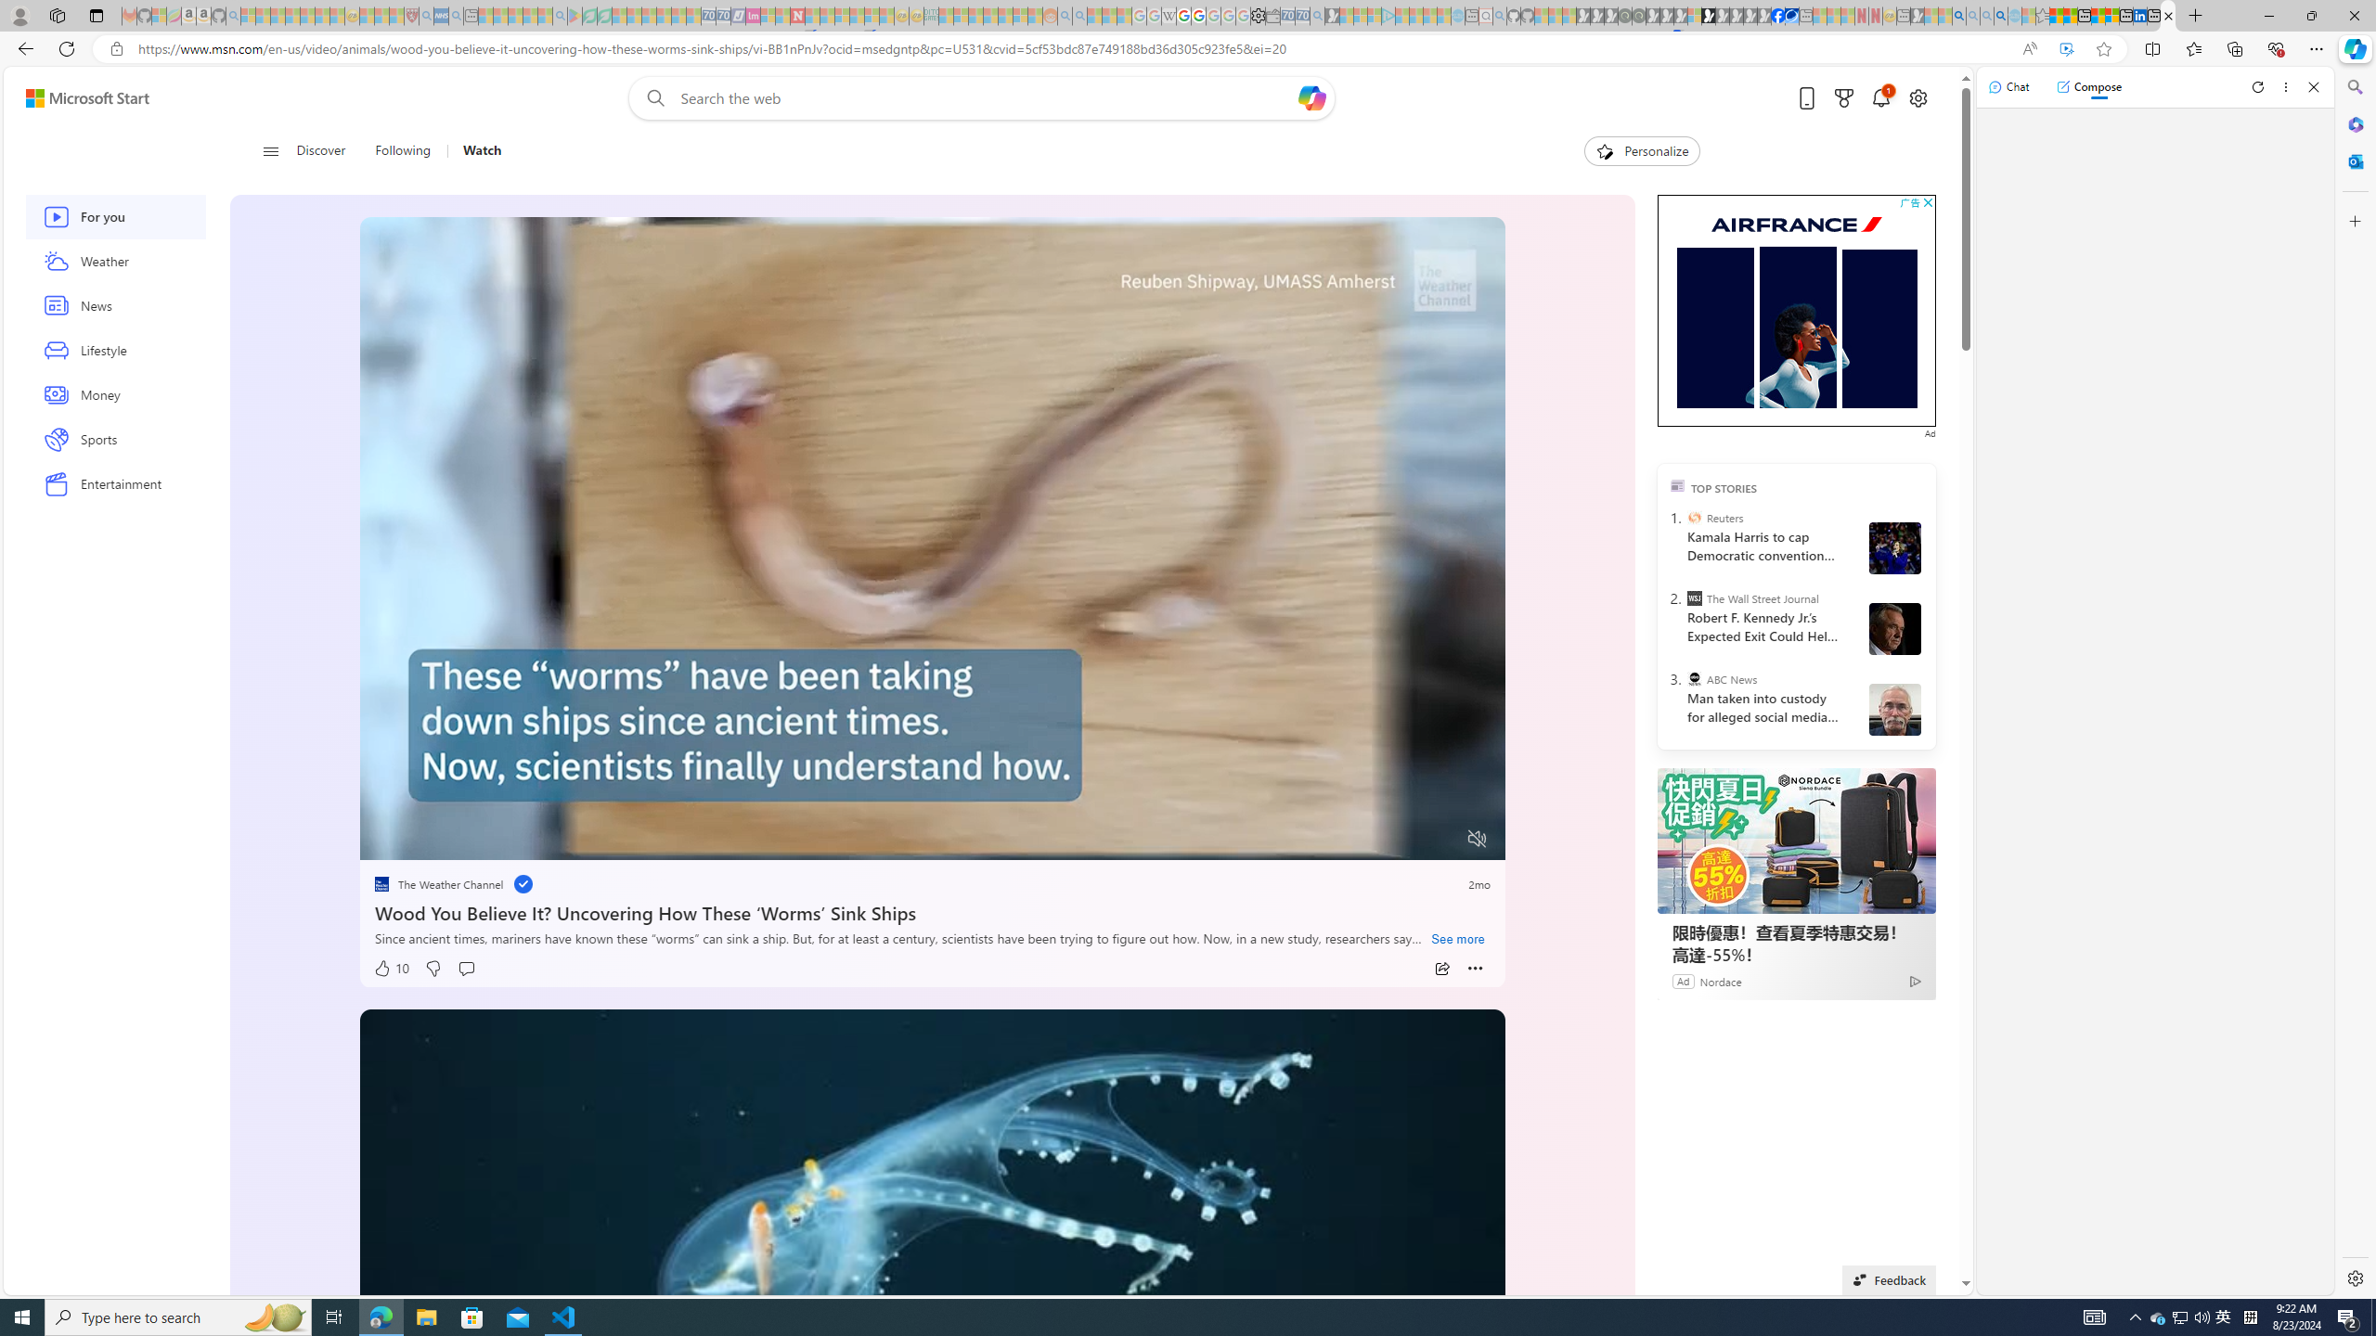 The height and width of the screenshot is (1336, 2376). Describe the element at coordinates (1441, 968) in the screenshot. I see `'Share'` at that location.